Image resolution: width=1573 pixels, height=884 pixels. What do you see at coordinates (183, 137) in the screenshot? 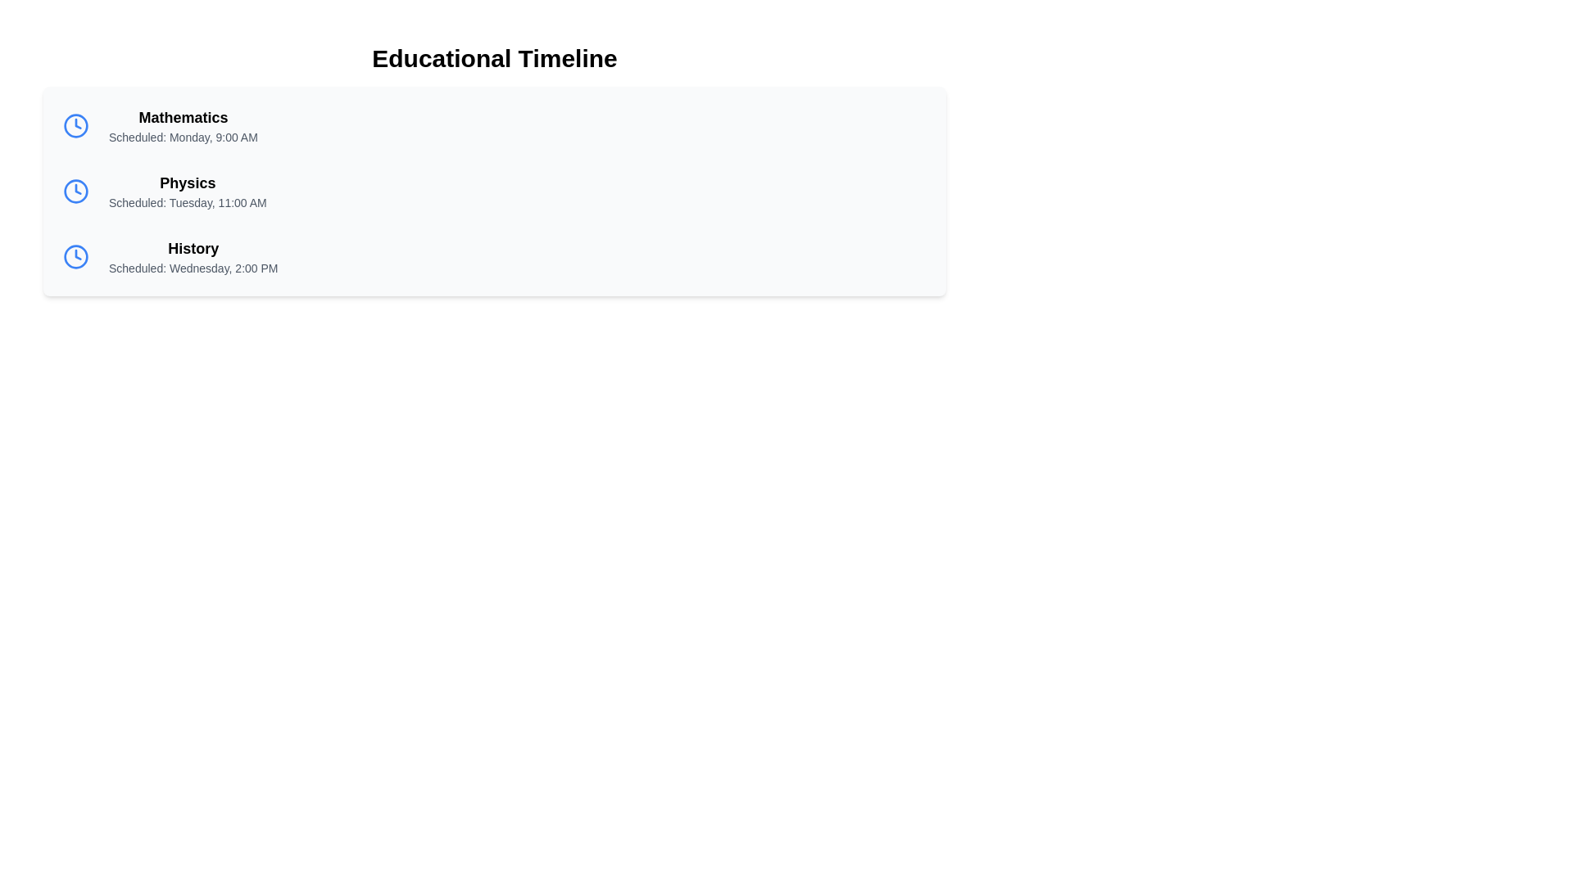
I see `the text label displaying the scheduled time for the event: 'Scheduled: Monday, 9:00 AM'` at bounding box center [183, 137].